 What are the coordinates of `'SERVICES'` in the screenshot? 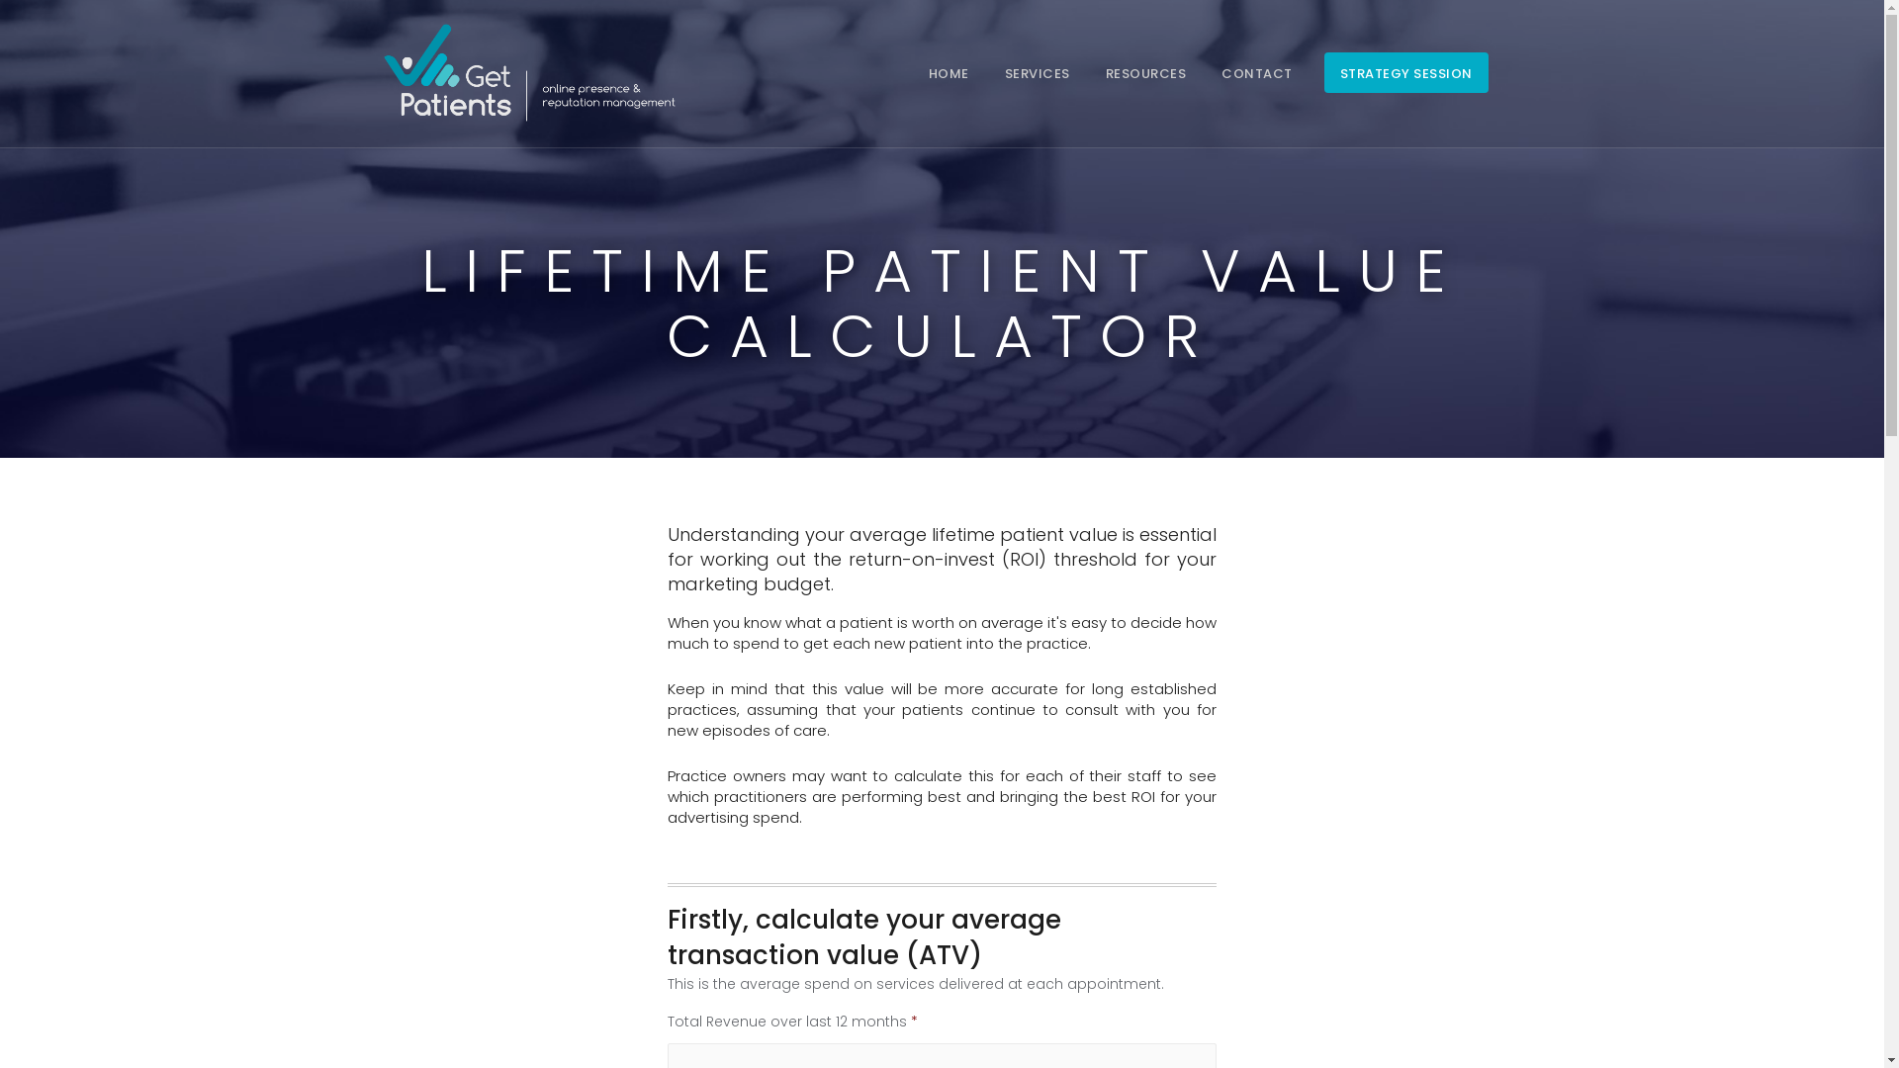 It's located at (1037, 72).